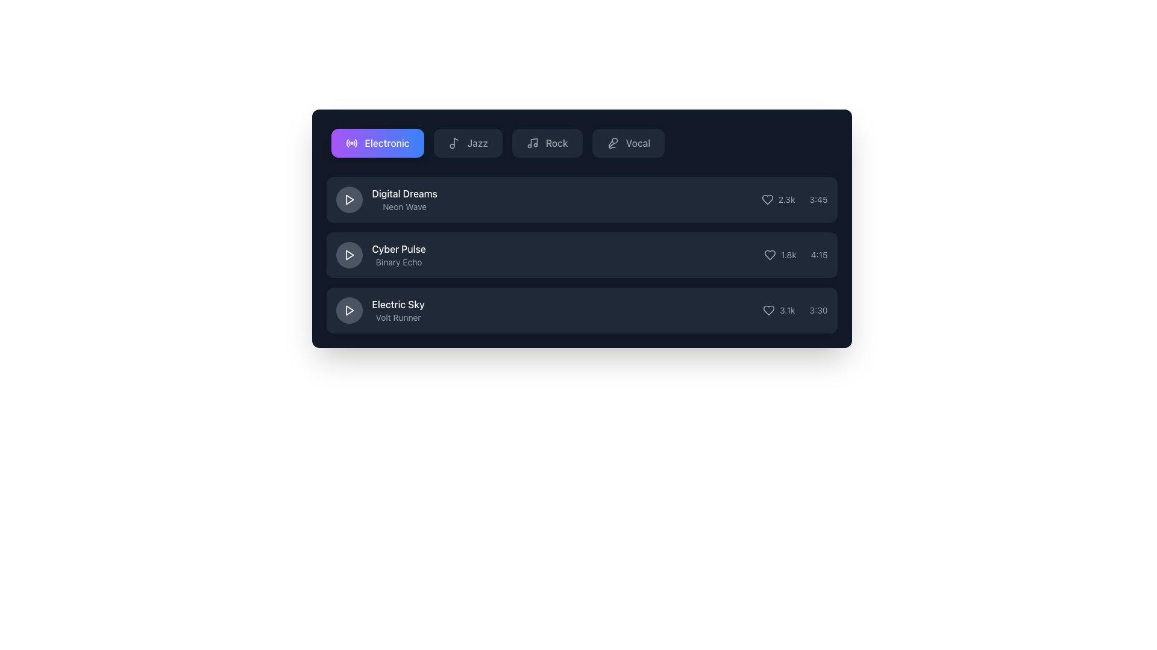 The width and height of the screenshot is (1157, 650). Describe the element at coordinates (547, 143) in the screenshot. I see `the 'Rock' button, which is a dark-background button with rounded corners containing a musical note icon and the text 'Rock'` at that location.